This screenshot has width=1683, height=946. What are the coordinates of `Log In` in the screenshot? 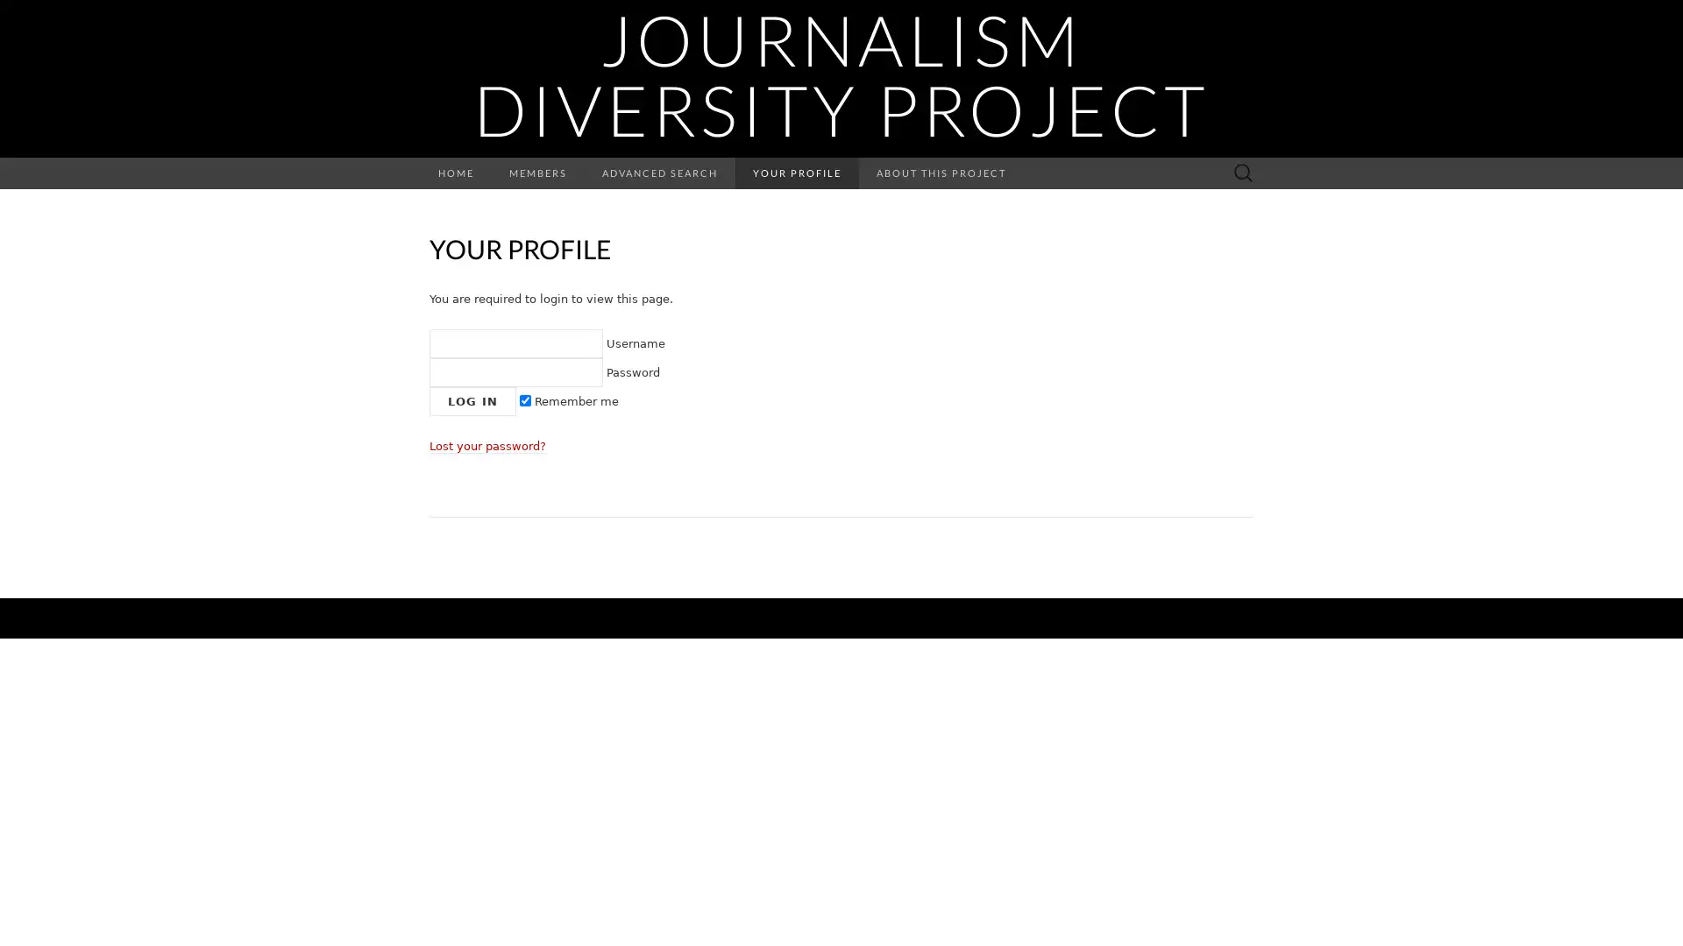 It's located at (472, 401).